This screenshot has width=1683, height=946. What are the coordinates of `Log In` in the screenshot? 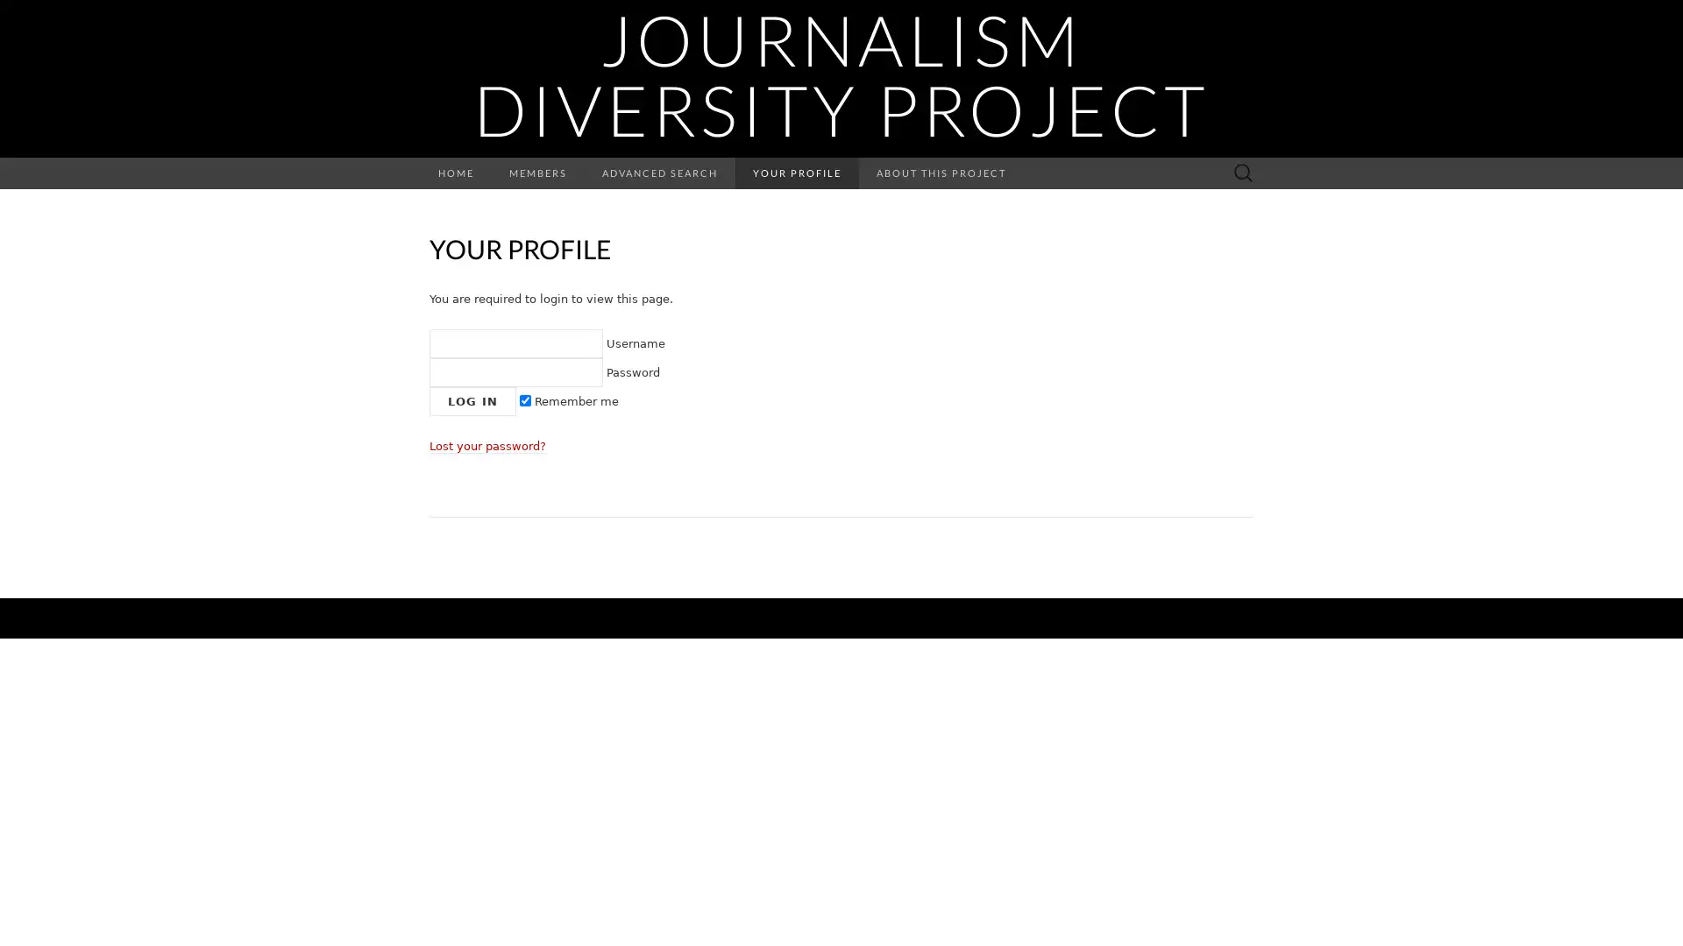 It's located at (472, 401).